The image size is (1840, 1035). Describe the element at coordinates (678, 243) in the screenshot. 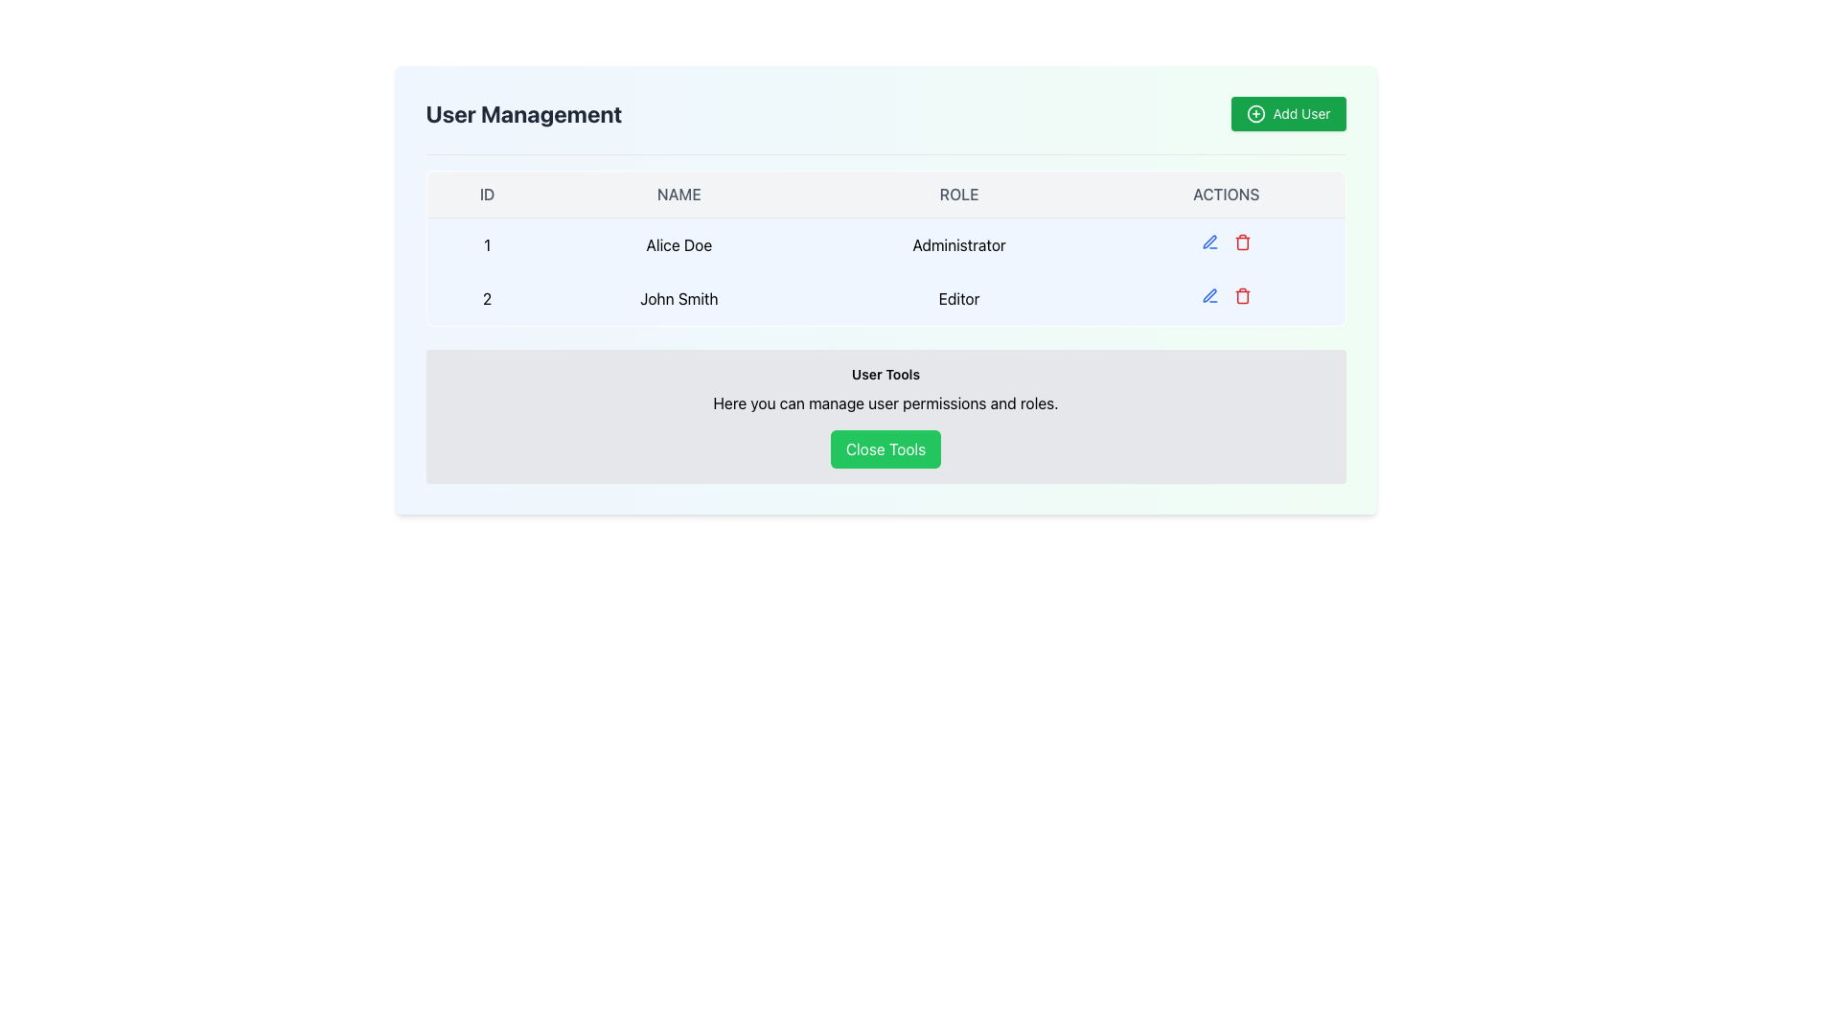

I see `the Text Label displaying 'Alice Doe' in the 'User Management' interface, located in the second column of the first row under the 'NAME' column` at that location.